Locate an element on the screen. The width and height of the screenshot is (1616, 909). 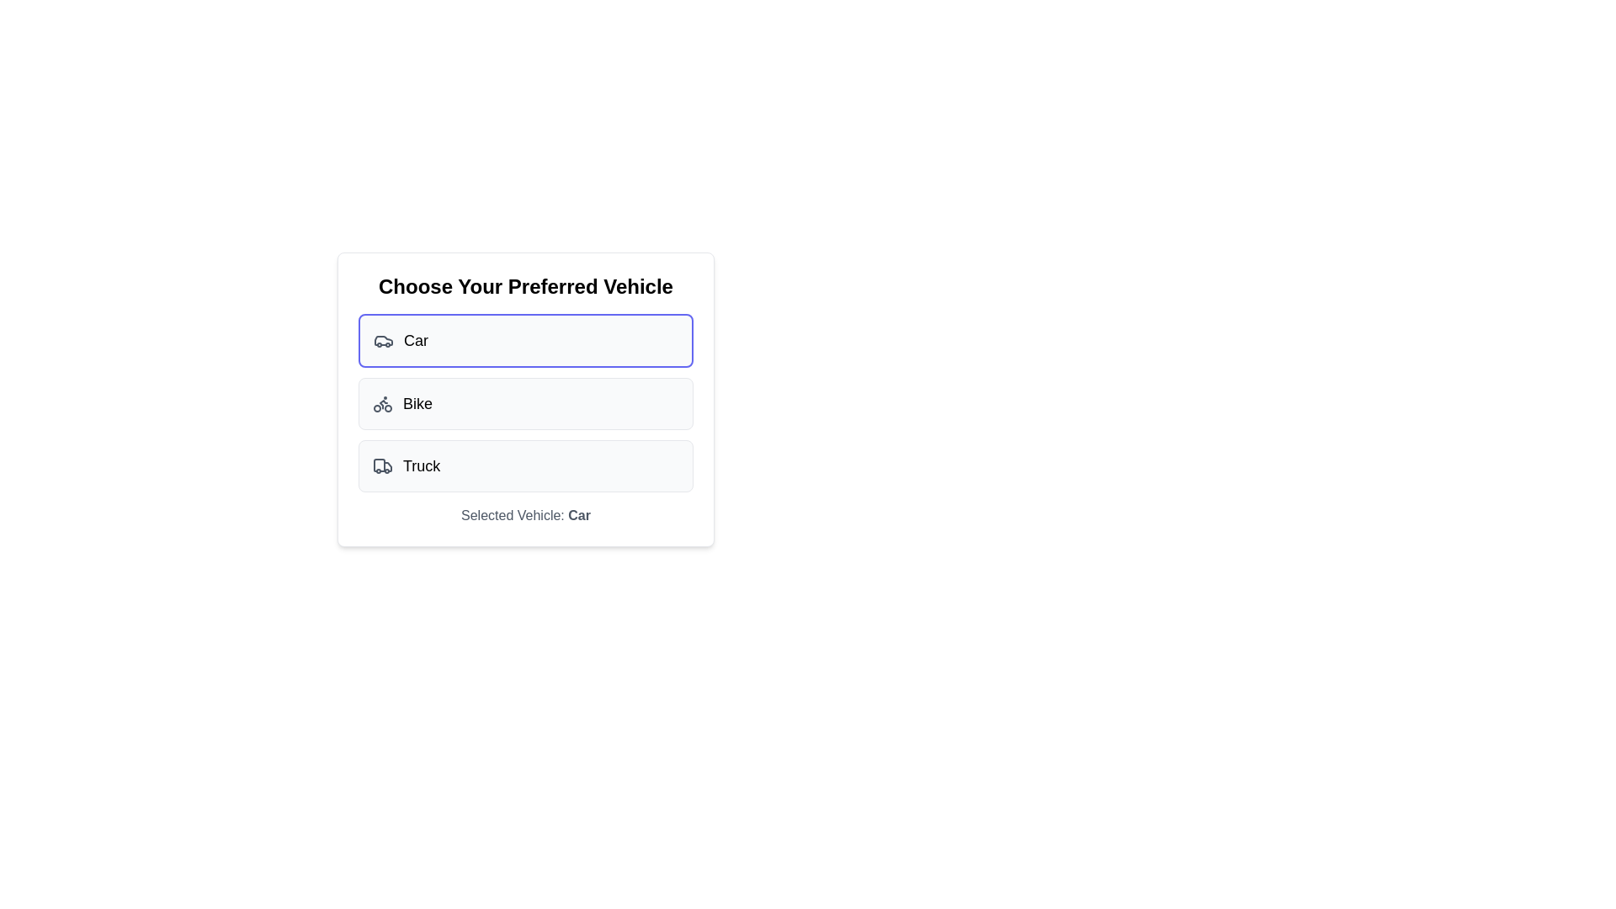
on the first selectable option in the list, which represents the choice 'Car' is located at coordinates (524, 341).